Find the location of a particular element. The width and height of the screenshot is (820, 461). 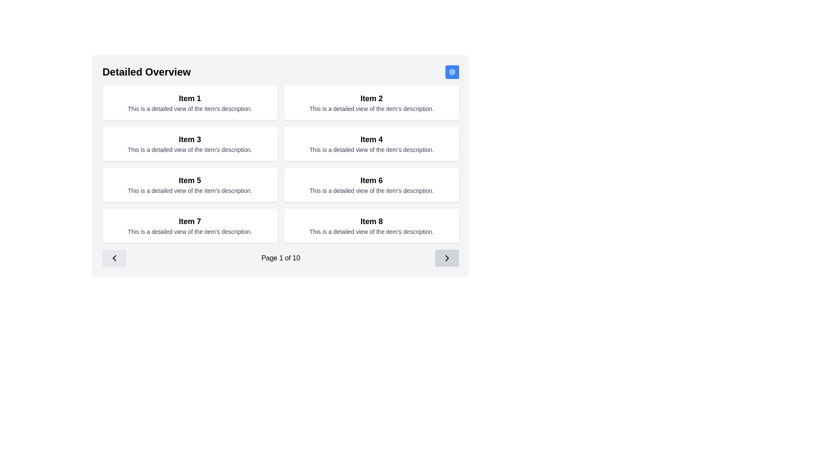

the Card displaying detailed information about an item located in the second column of the third row of the grid layout is located at coordinates (372, 184).